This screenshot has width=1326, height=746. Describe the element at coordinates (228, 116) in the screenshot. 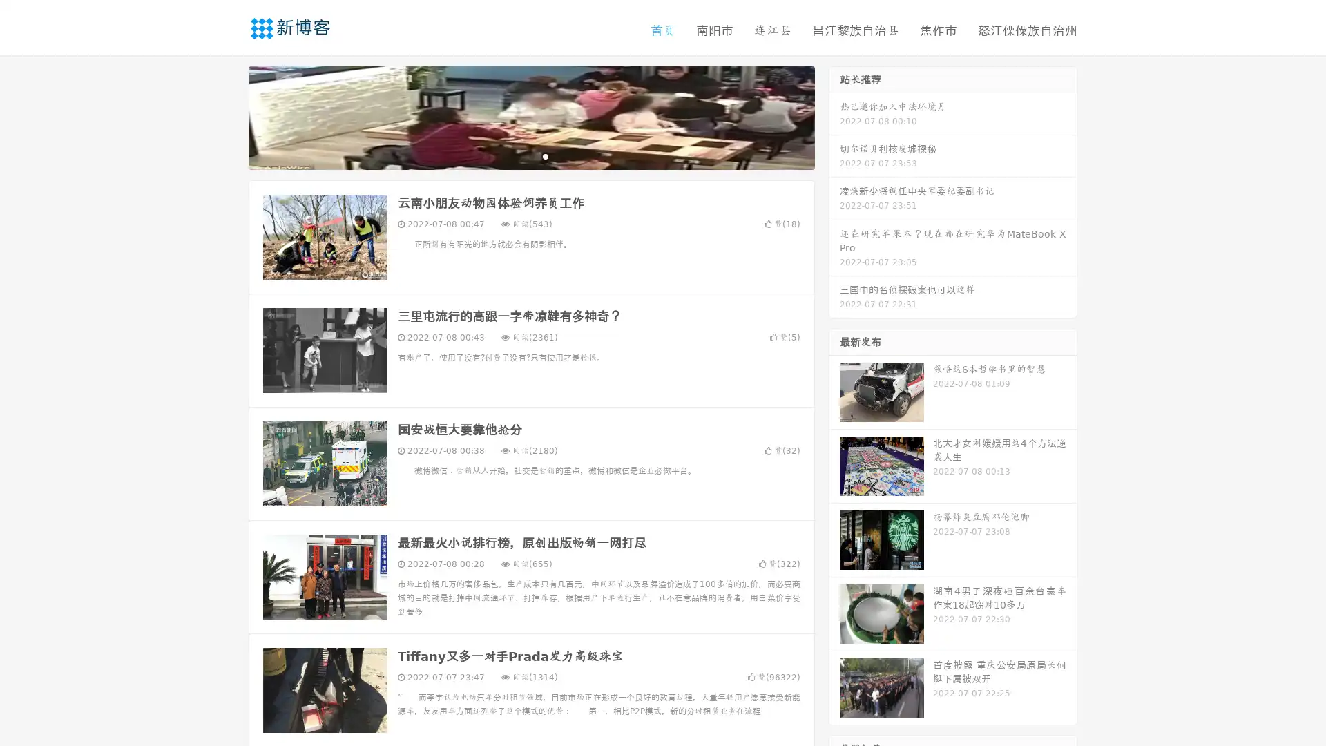

I see `Previous slide` at that location.